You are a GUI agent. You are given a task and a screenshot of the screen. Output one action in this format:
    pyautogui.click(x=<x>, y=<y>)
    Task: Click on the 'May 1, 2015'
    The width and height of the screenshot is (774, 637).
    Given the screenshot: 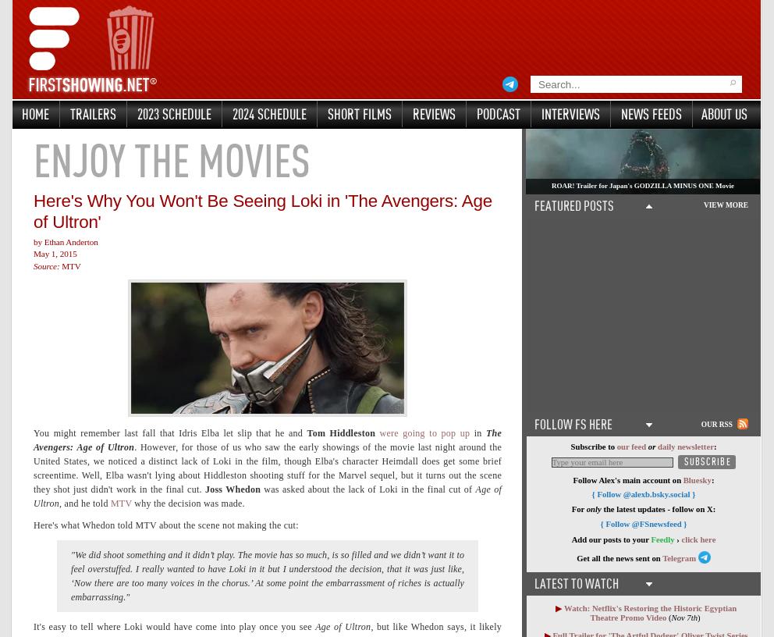 What is the action you would take?
    pyautogui.click(x=55, y=254)
    